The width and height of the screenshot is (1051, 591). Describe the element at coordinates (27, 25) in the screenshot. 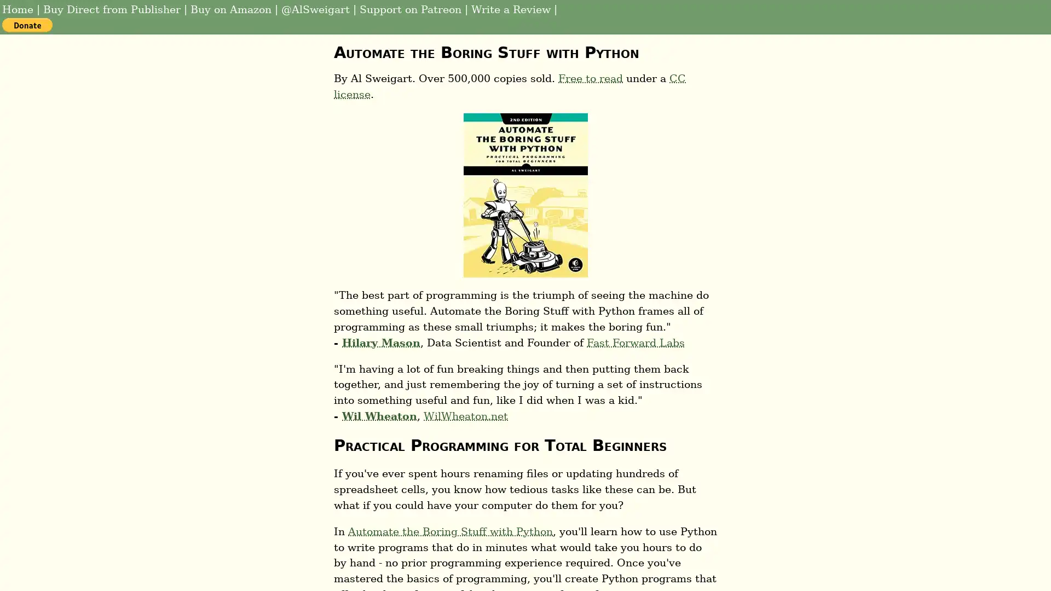

I see `PayPal - The safer, easier way to pay online!` at that location.